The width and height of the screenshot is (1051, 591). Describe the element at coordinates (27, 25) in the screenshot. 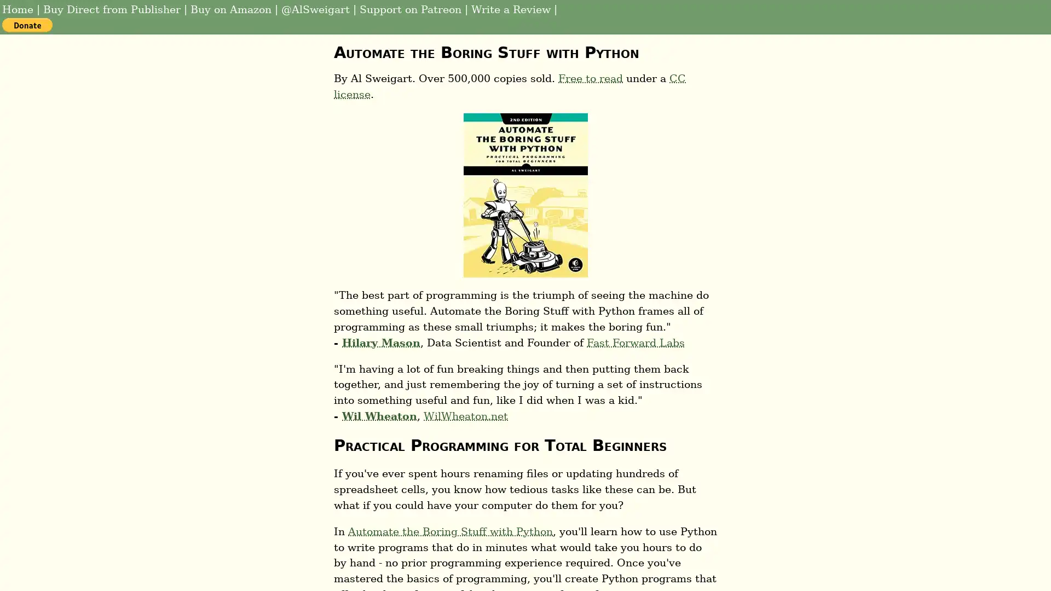

I see `PayPal - The safer, easier way to pay online!` at that location.